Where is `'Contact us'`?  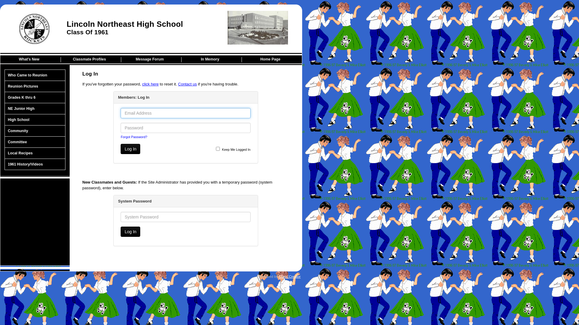 'Contact us' is located at coordinates (187, 84).